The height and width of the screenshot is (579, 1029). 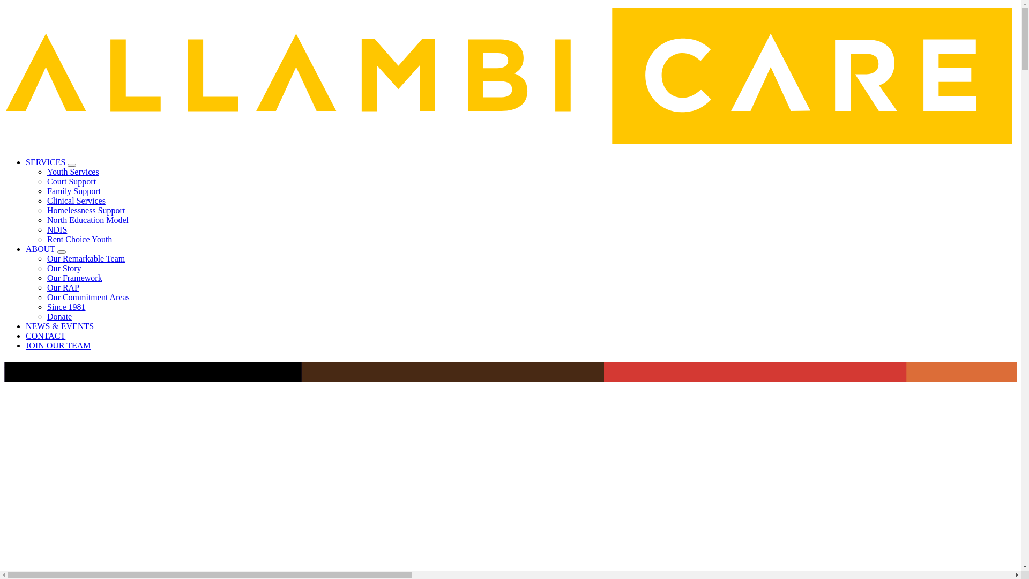 I want to click on 'Rent Choice Youth', so click(x=79, y=239).